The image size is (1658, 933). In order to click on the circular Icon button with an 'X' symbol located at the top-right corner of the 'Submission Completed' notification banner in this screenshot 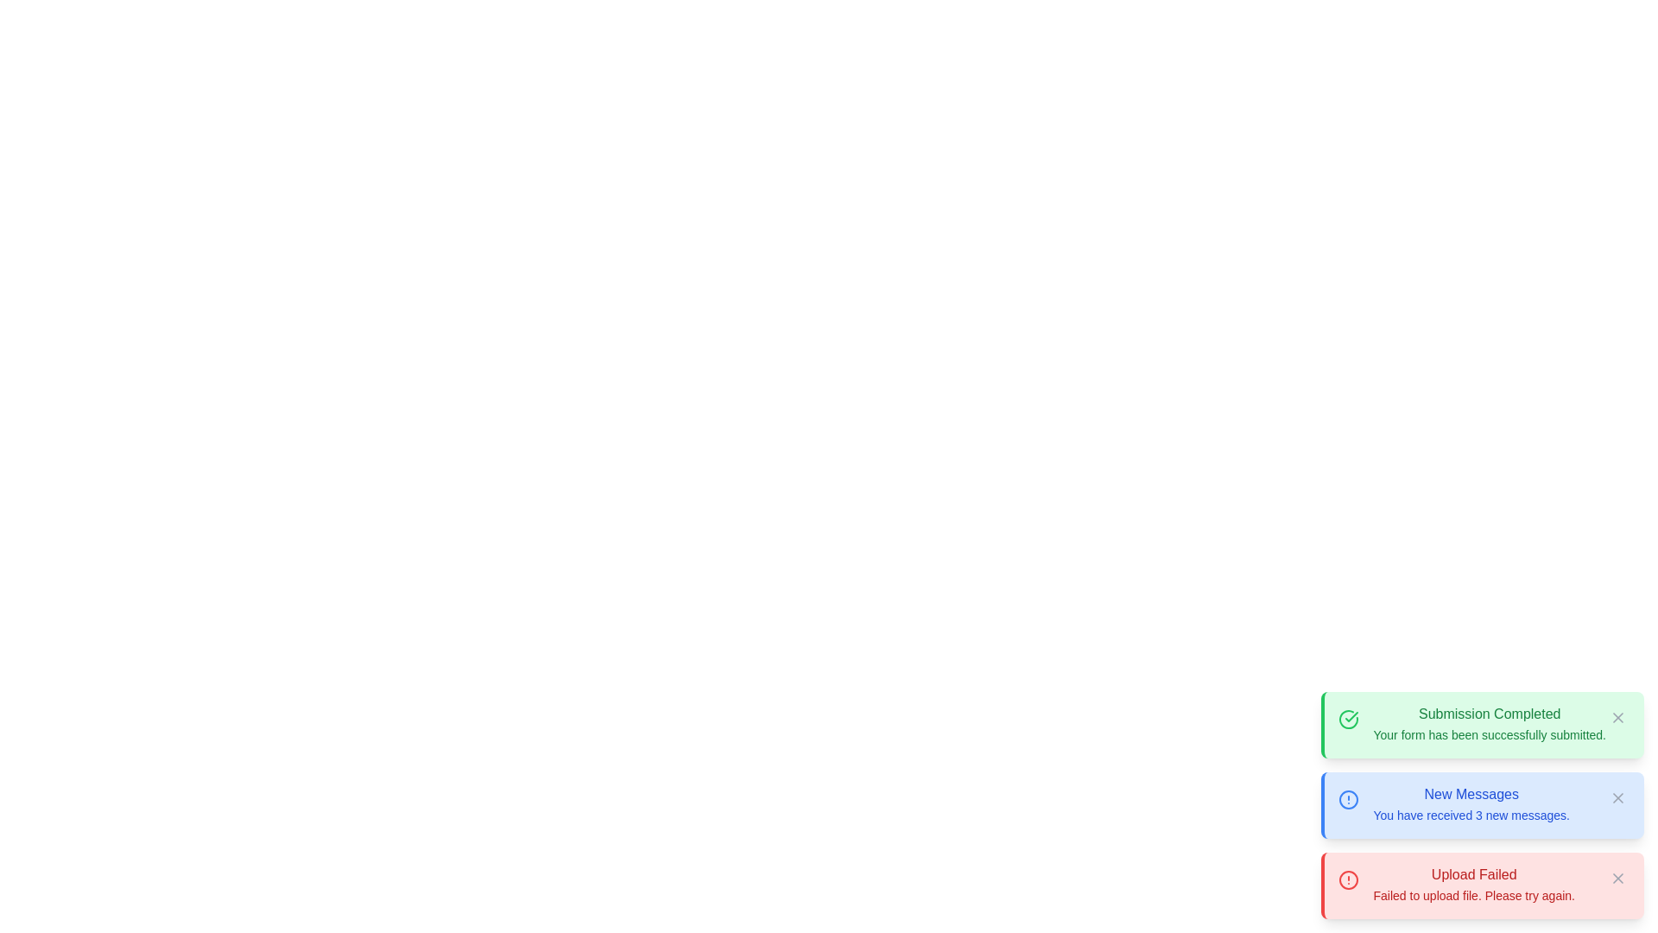, I will do `click(1617, 717)`.